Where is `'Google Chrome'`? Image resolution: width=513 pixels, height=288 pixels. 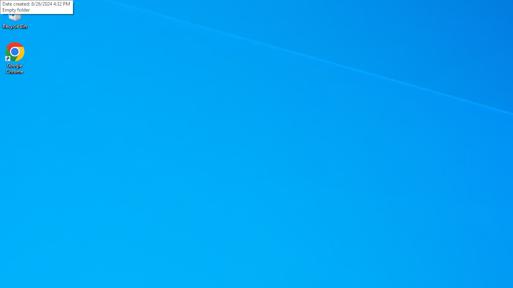
'Google Chrome' is located at coordinates (15, 58).